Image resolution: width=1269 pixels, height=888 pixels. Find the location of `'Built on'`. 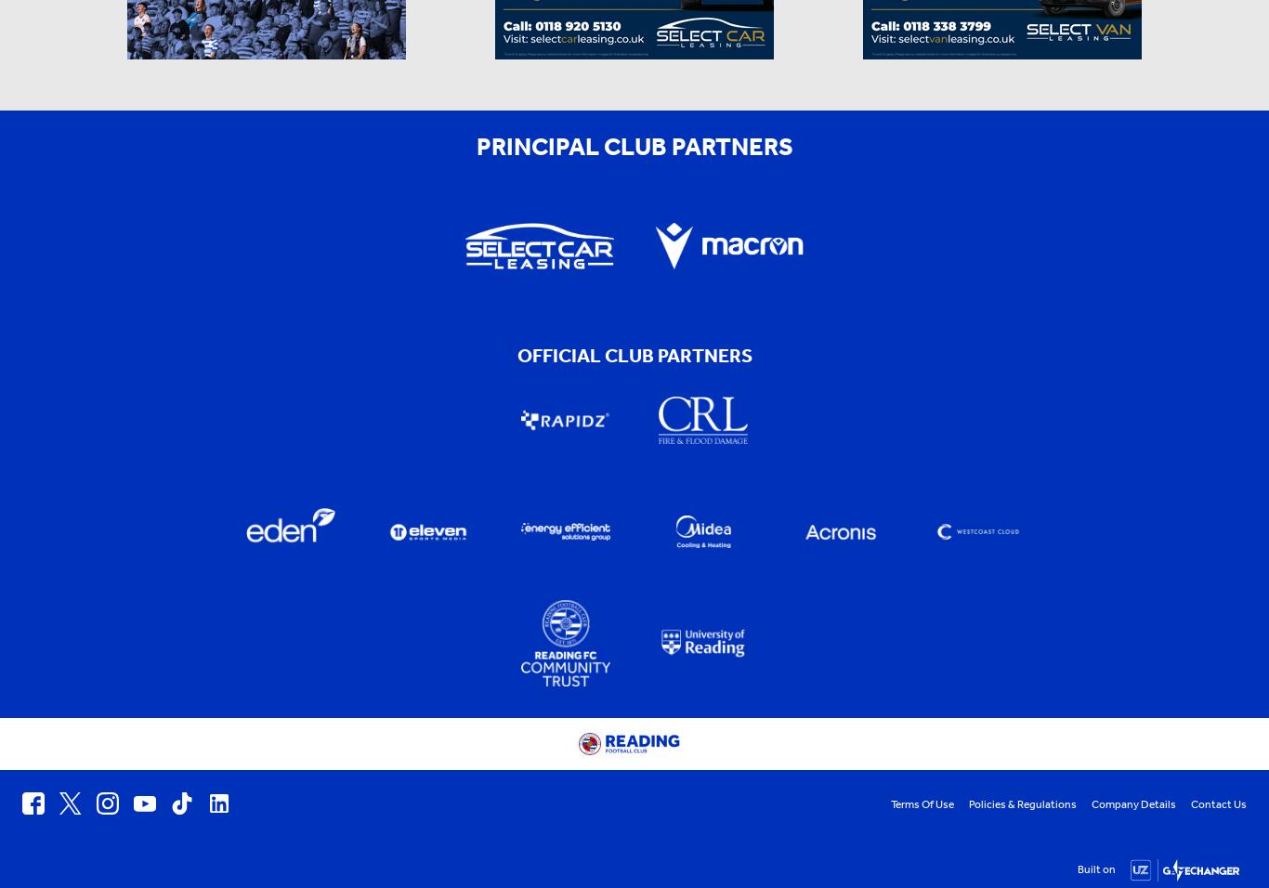

'Built on' is located at coordinates (1096, 868).